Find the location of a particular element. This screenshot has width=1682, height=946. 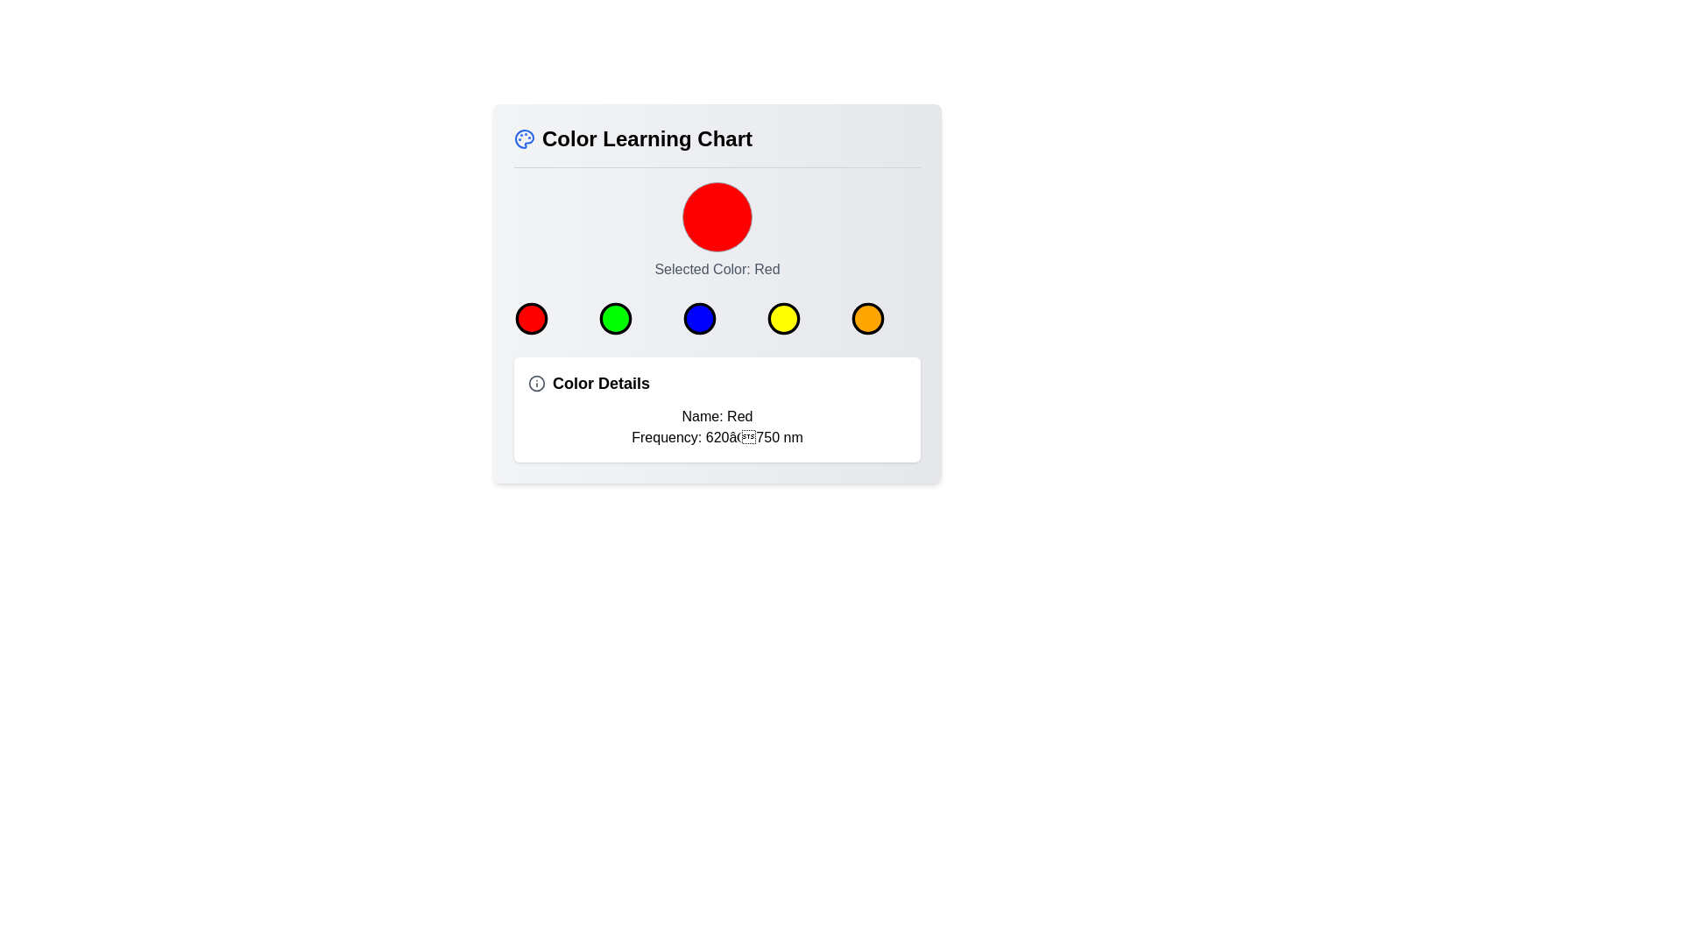

one of the circular buttons in the horizontal button group is located at coordinates (717, 318).